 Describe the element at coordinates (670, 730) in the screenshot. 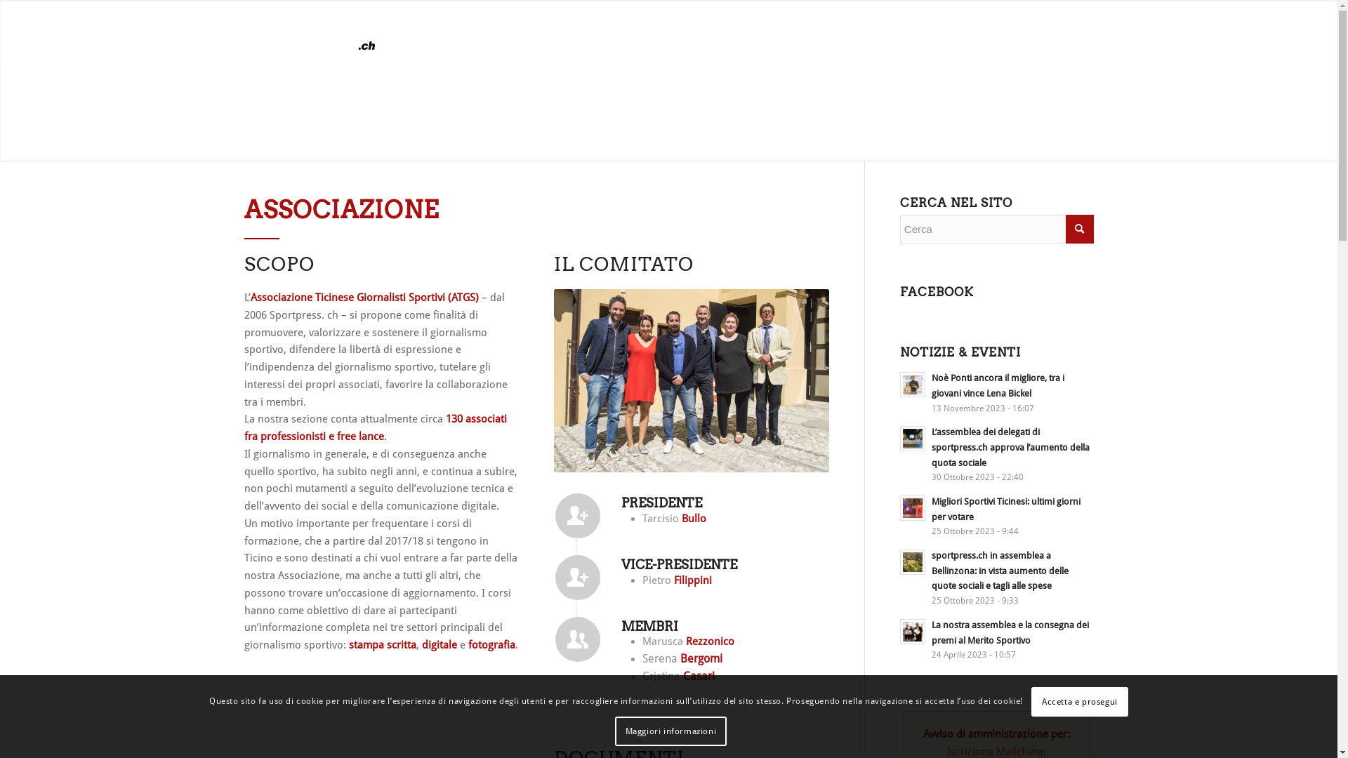

I see `'Maggiori informazioni'` at that location.